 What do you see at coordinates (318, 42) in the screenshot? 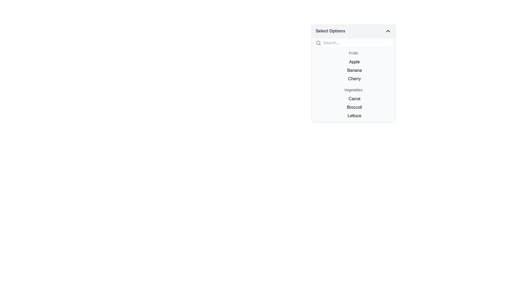
I see `the circular part of the magnifying glass icon located in the top left corner of the 'Select Options' dropdown menu` at bounding box center [318, 42].